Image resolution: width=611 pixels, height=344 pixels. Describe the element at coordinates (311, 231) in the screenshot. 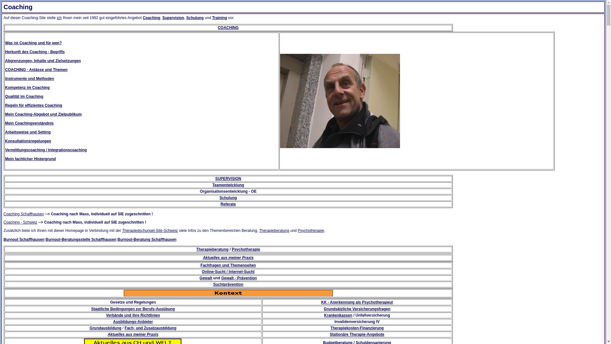

I see `'Psychotherapie'` at that location.